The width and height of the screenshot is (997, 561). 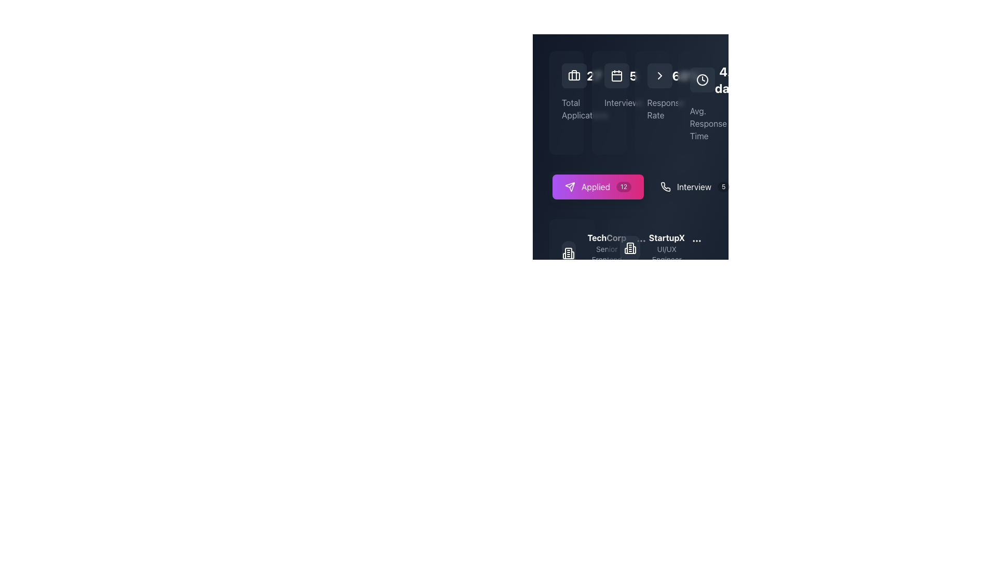 I want to click on the static text component displaying the number '5', which is styled as a statistic indicator and aligned with a calendar icon to its left and the word 'Interviews' below, so click(x=609, y=75).